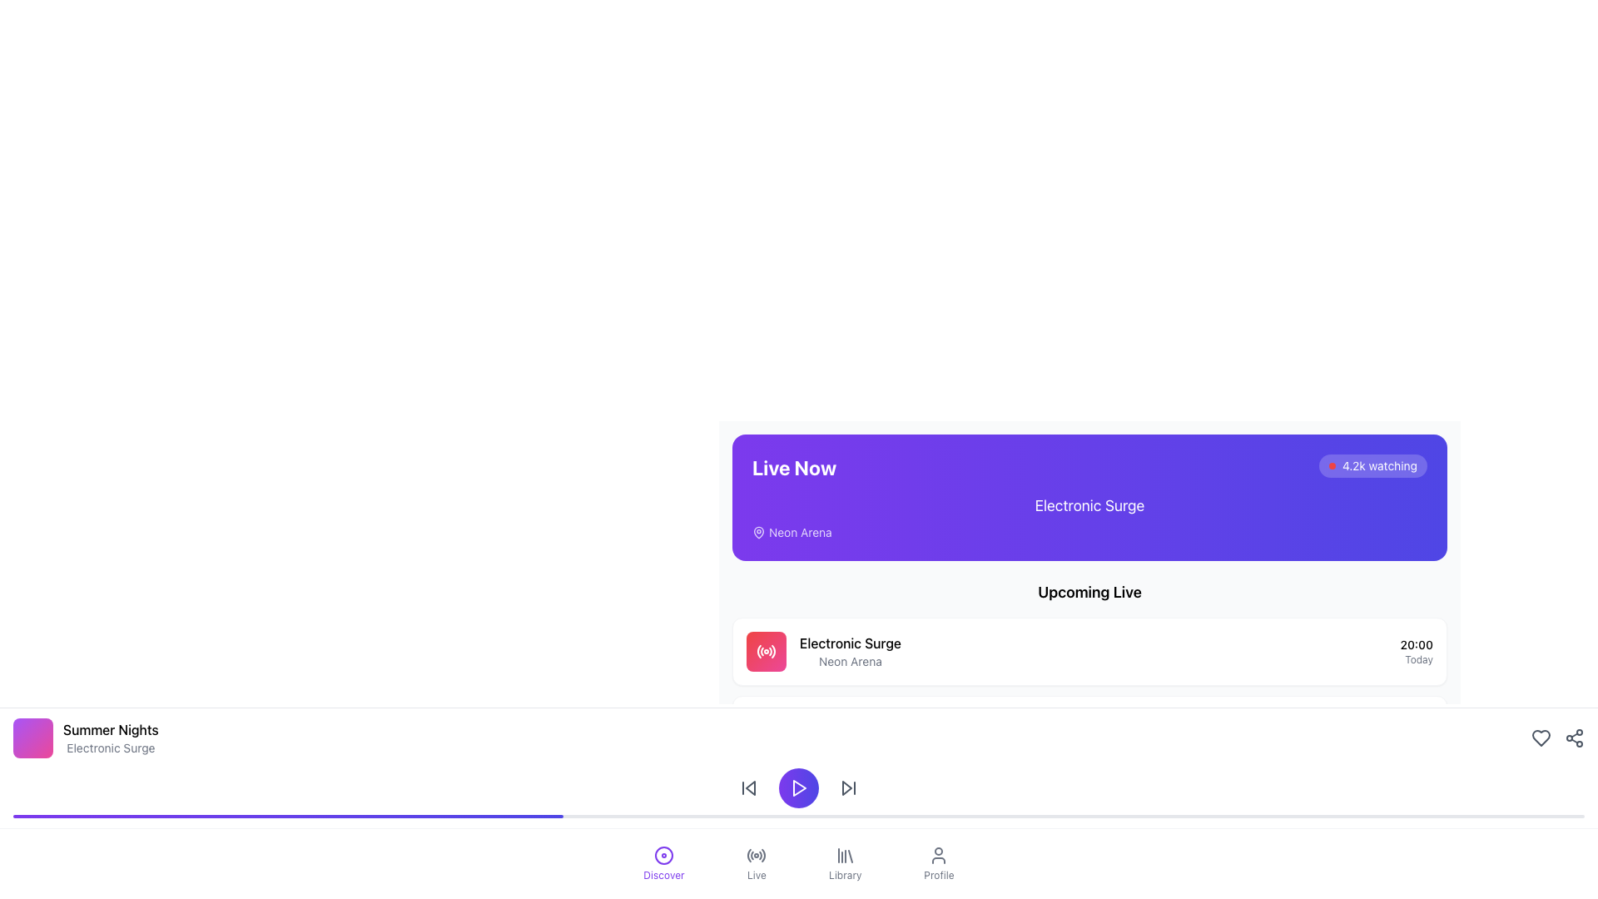 The height and width of the screenshot is (899, 1598). Describe the element at coordinates (110, 738) in the screenshot. I see `the Text Display (Dual-line) located in the bottom-left corner of the interface, adjacent to a gradient square icon, which displays a title and subtitle for a media item` at that location.